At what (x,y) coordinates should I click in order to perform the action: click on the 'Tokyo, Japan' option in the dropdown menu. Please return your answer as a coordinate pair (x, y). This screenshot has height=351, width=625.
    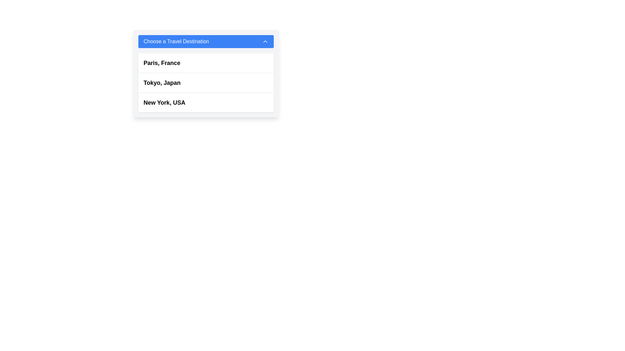
    Looking at the image, I should click on (162, 82).